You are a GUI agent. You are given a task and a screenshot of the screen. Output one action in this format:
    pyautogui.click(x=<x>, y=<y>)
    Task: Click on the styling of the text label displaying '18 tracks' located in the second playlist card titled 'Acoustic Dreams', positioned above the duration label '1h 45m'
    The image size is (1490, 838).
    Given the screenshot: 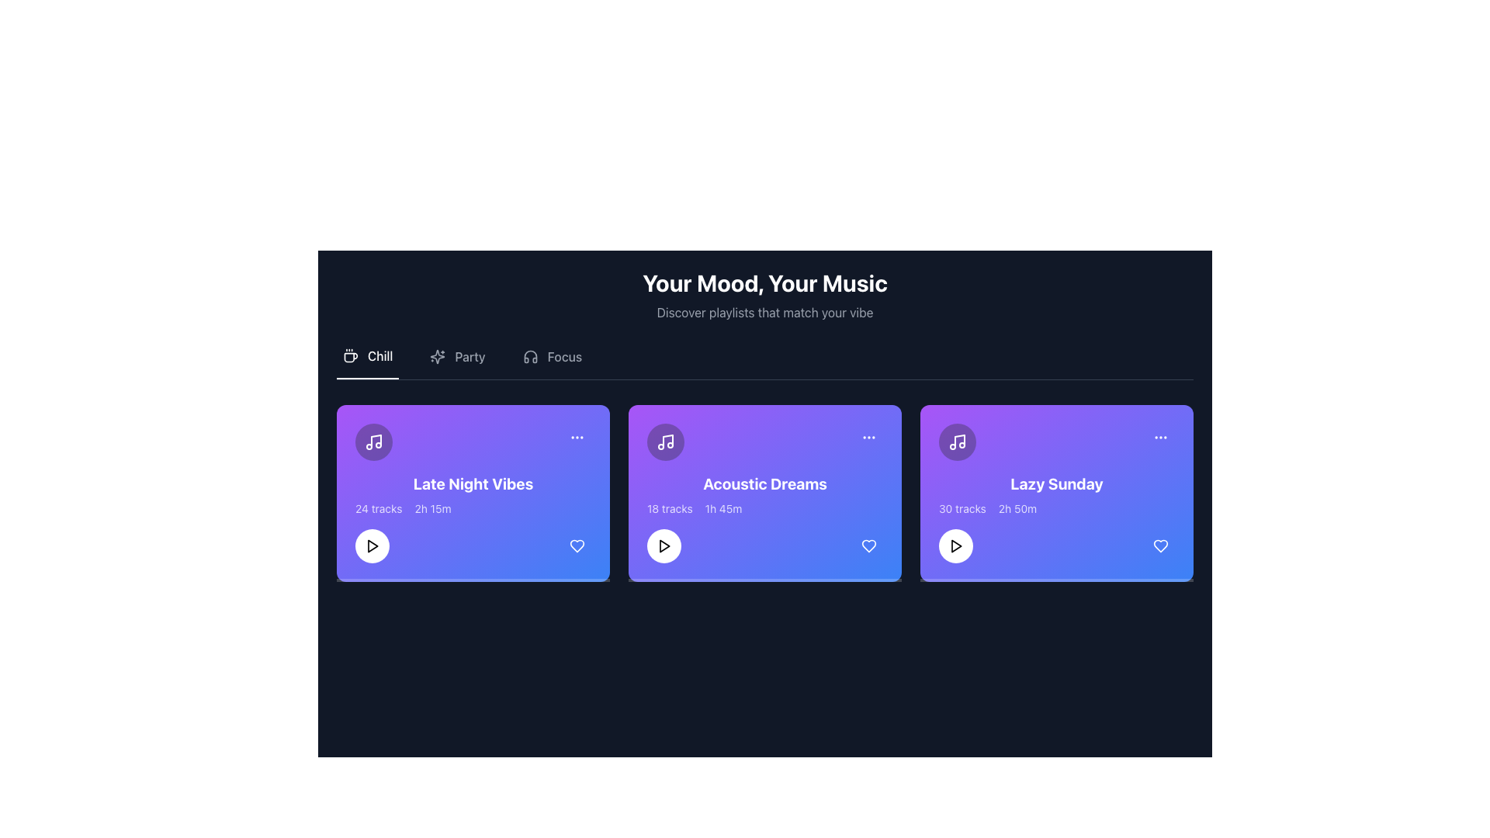 What is the action you would take?
    pyautogui.click(x=670, y=508)
    